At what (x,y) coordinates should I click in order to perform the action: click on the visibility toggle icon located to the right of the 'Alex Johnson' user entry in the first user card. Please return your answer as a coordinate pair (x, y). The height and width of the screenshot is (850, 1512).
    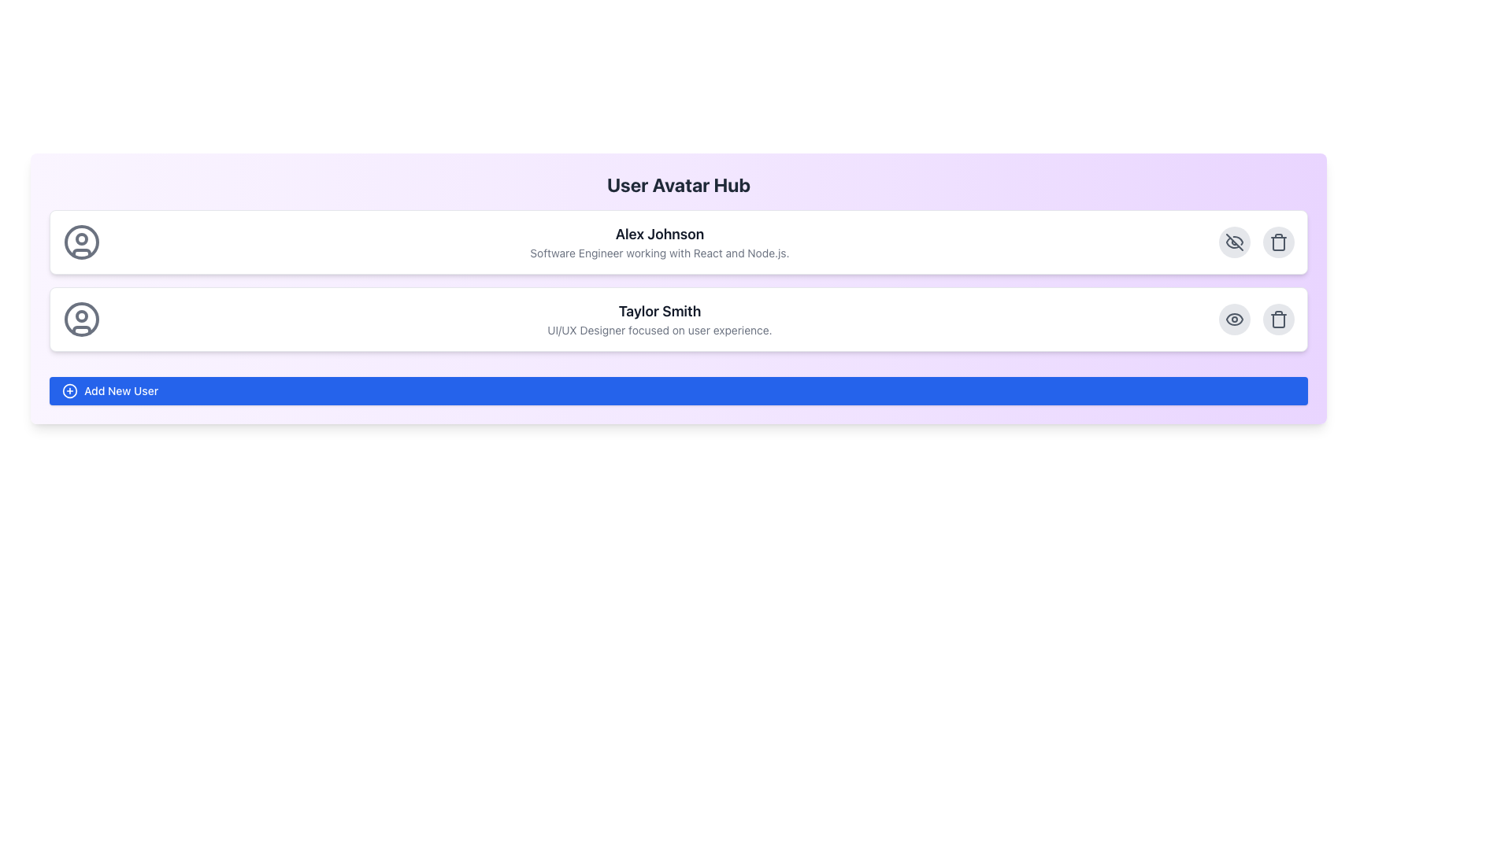
    Looking at the image, I should click on (1234, 242).